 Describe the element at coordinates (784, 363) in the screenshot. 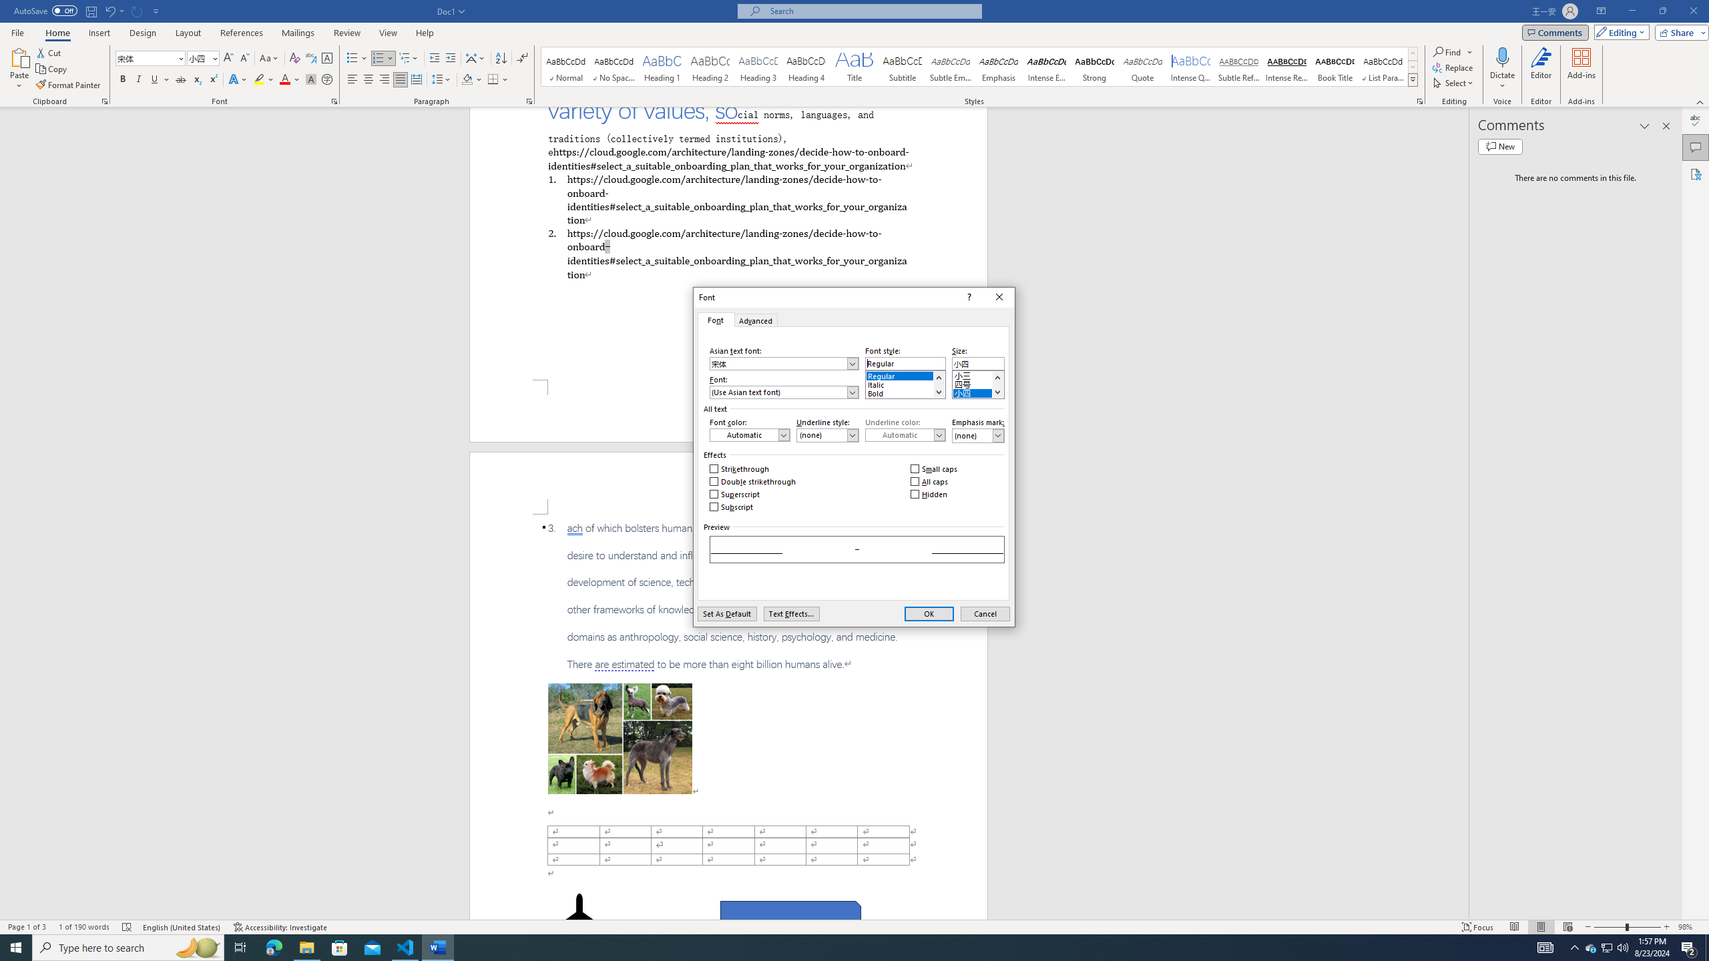

I see `'Asian text font:'` at that location.